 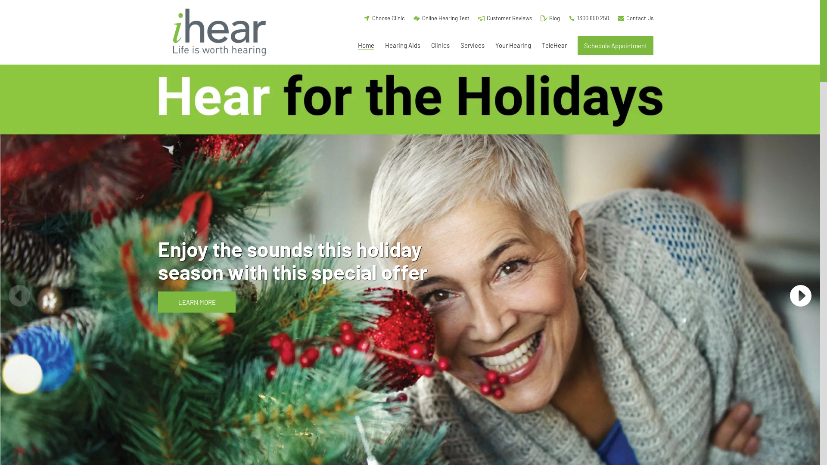 I want to click on 'Blog', so click(x=550, y=18).